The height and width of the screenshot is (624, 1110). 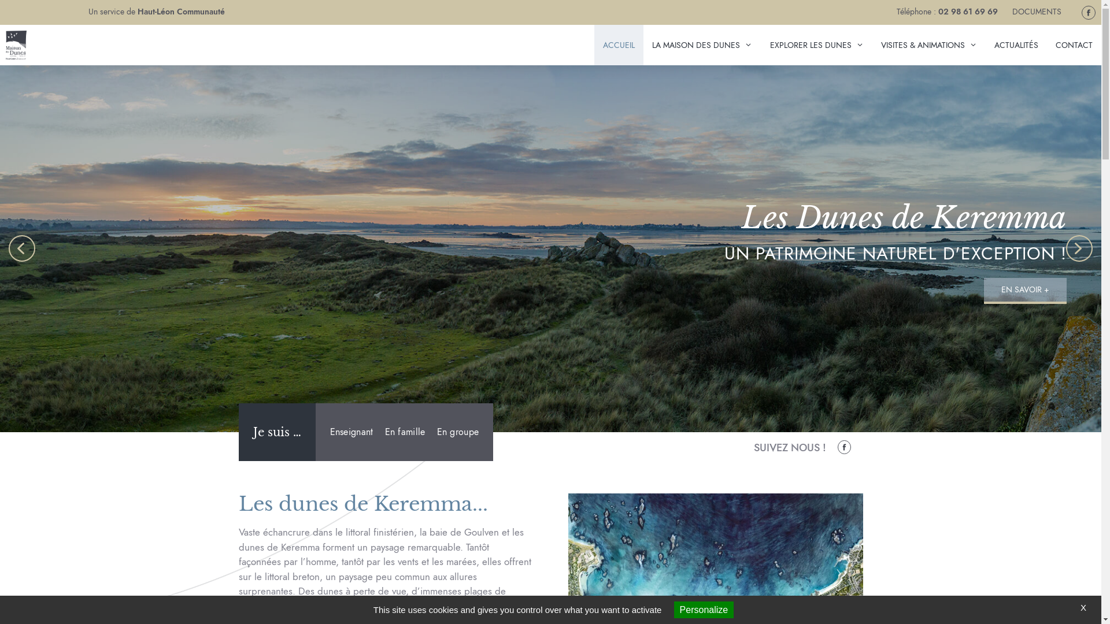 What do you see at coordinates (704, 609) in the screenshot?
I see `'Personalize'` at bounding box center [704, 609].